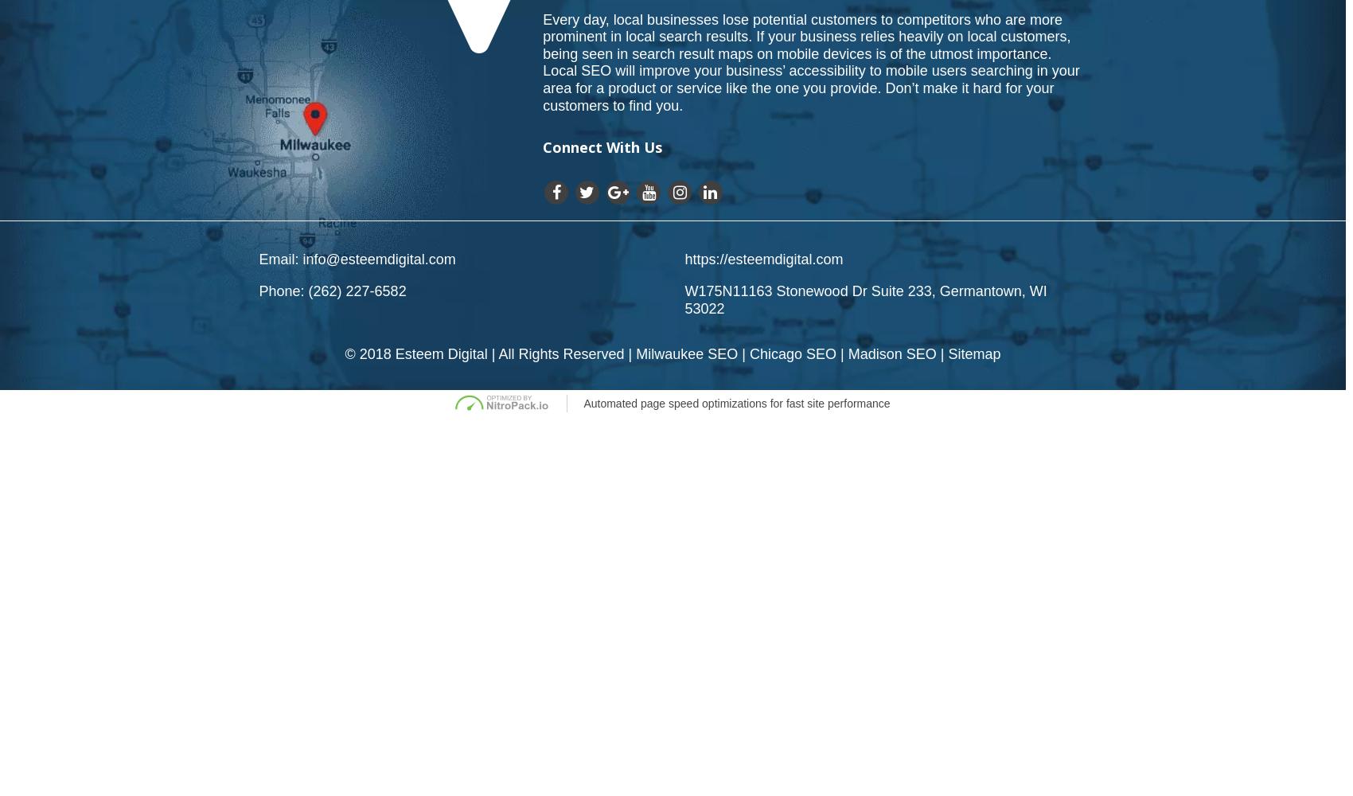 The width and height of the screenshot is (1353, 796). I want to click on 'Madison SEO', so click(891, 353).